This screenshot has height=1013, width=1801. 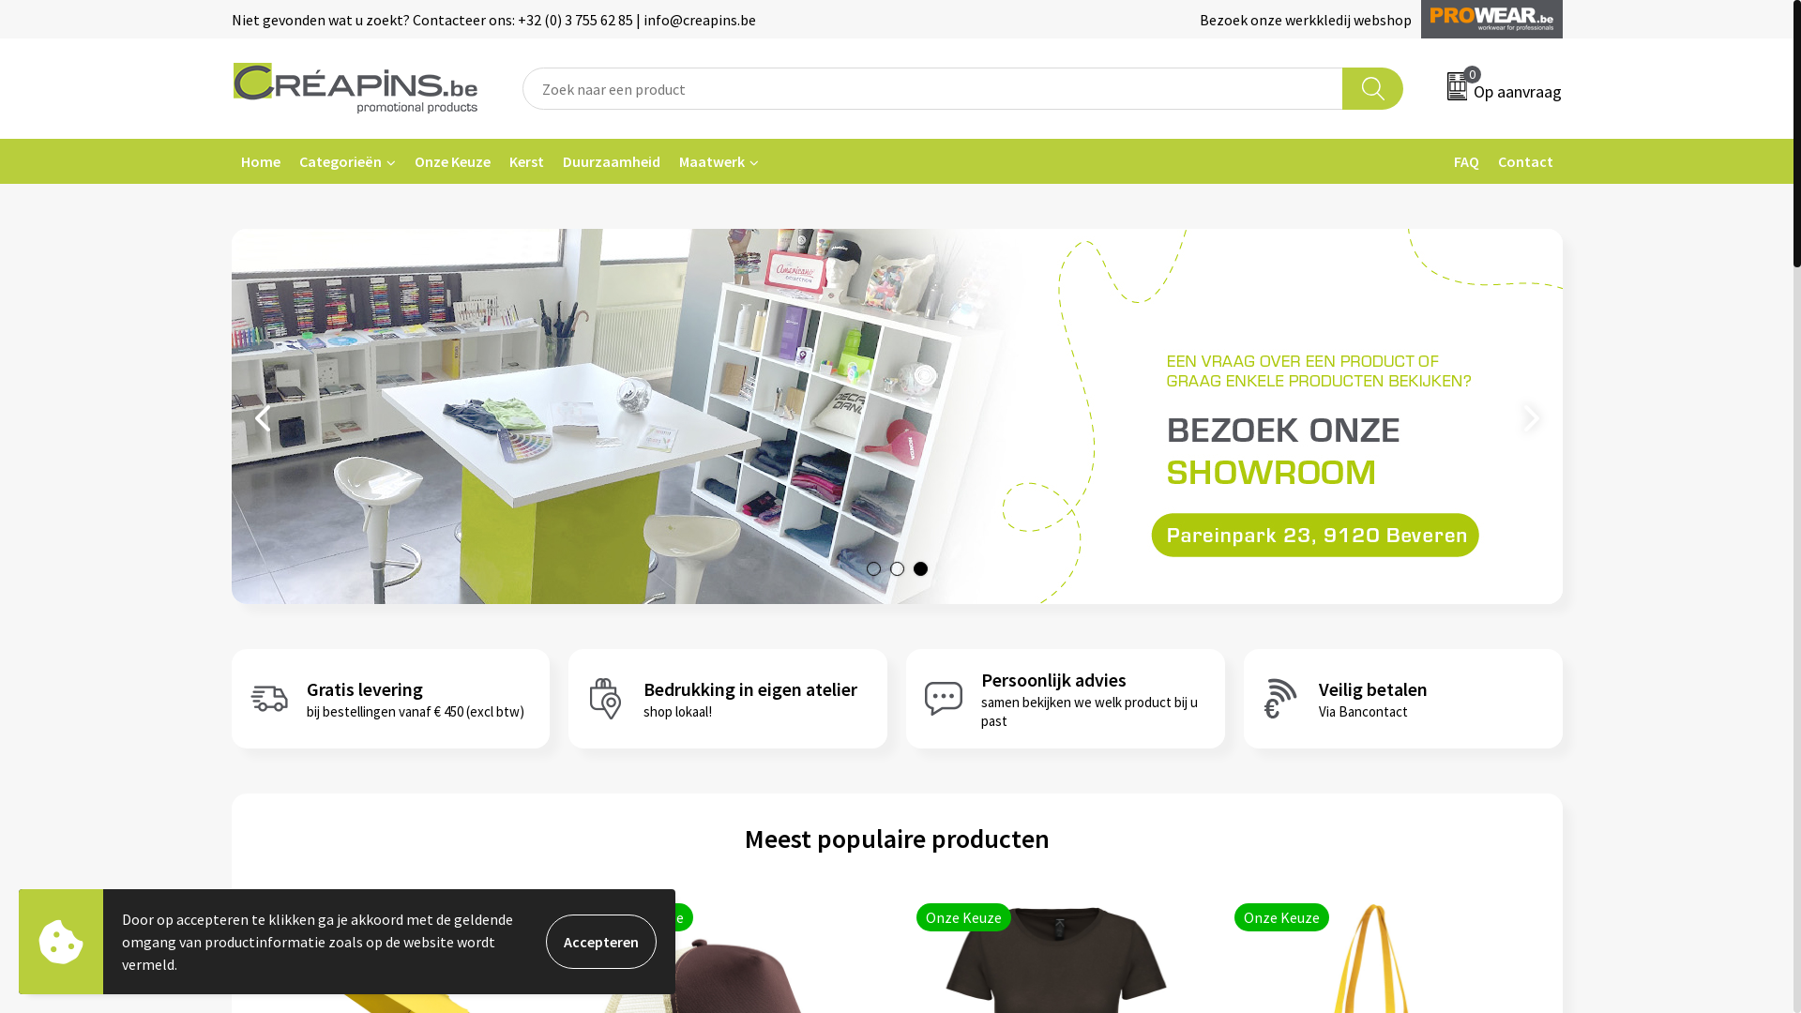 What do you see at coordinates (872, 567) in the screenshot?
I see `'1'` at bounding box center [872, 567].